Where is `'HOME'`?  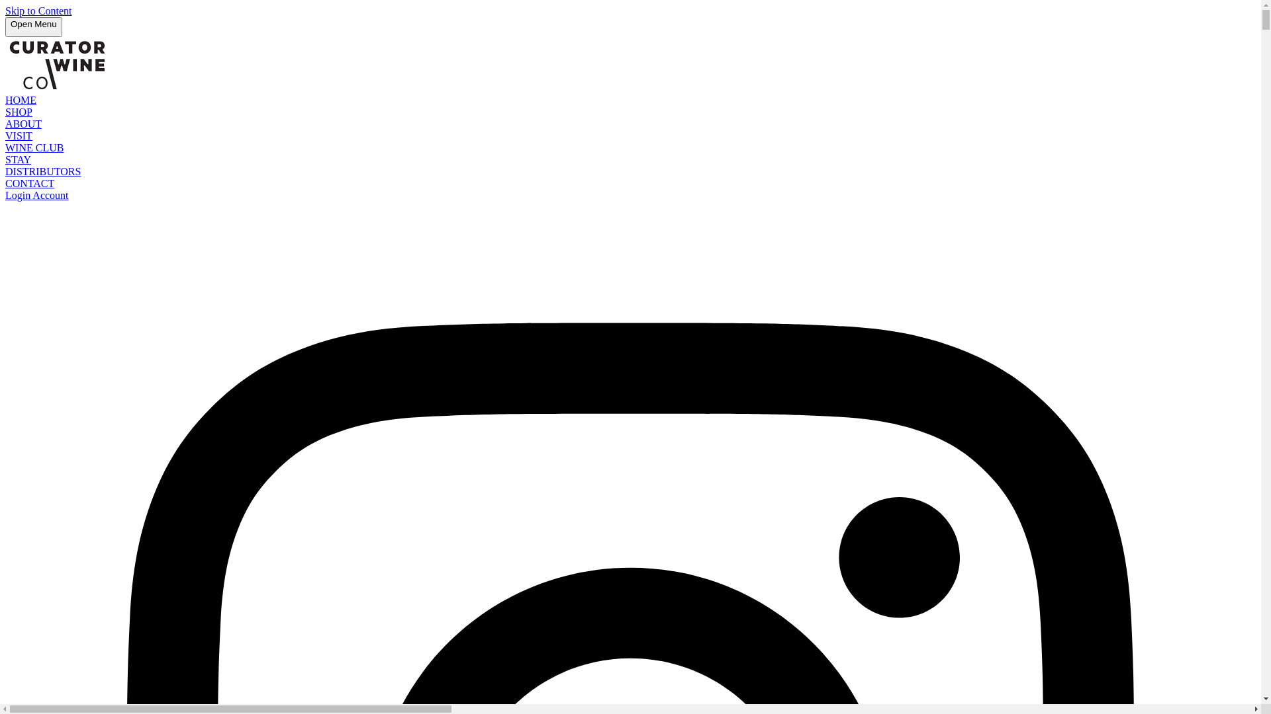
'HOME' is located at coordinates (21, 99).